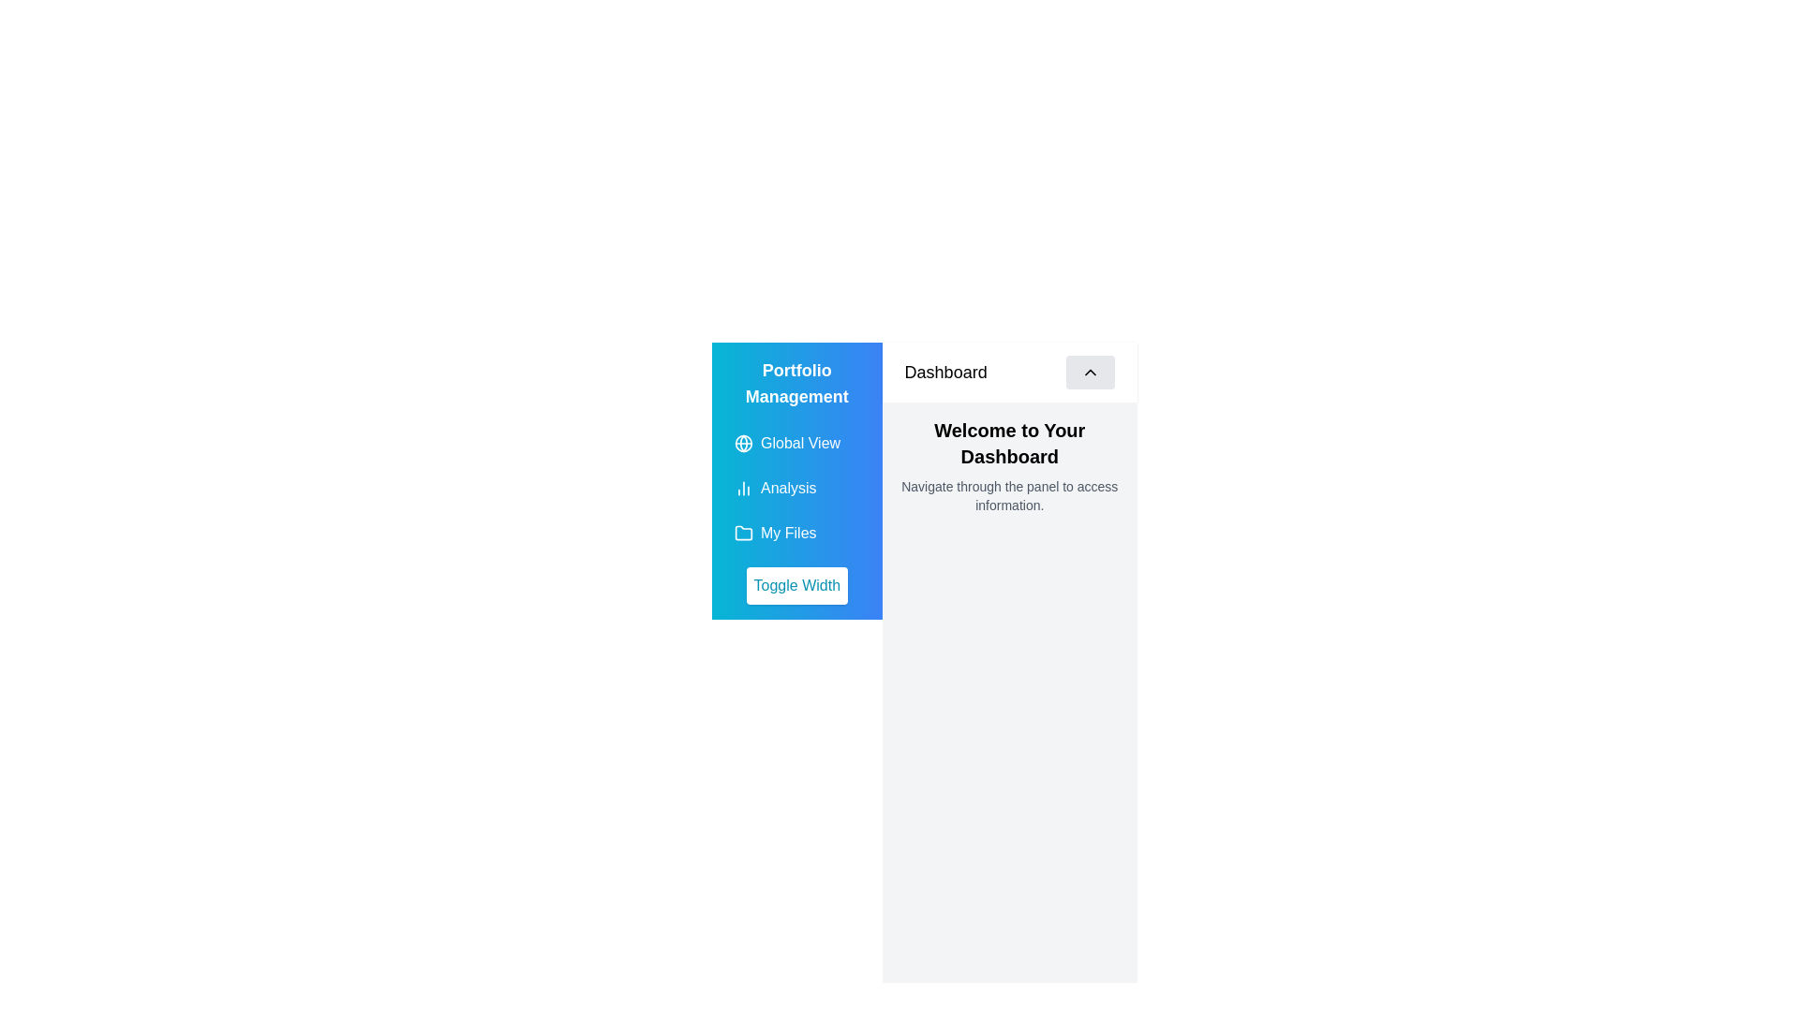 This screenshot has height=1011, width=1799. Describe the element at coordinates (796, 444) in the screenshot. I see `the 'Global View' navigation link, which is the first item in the list below the 'Portfolio Management' heading` at that location.